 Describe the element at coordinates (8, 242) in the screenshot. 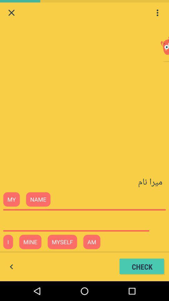

I see `i beside mine at the bottom of the web page` at that location.